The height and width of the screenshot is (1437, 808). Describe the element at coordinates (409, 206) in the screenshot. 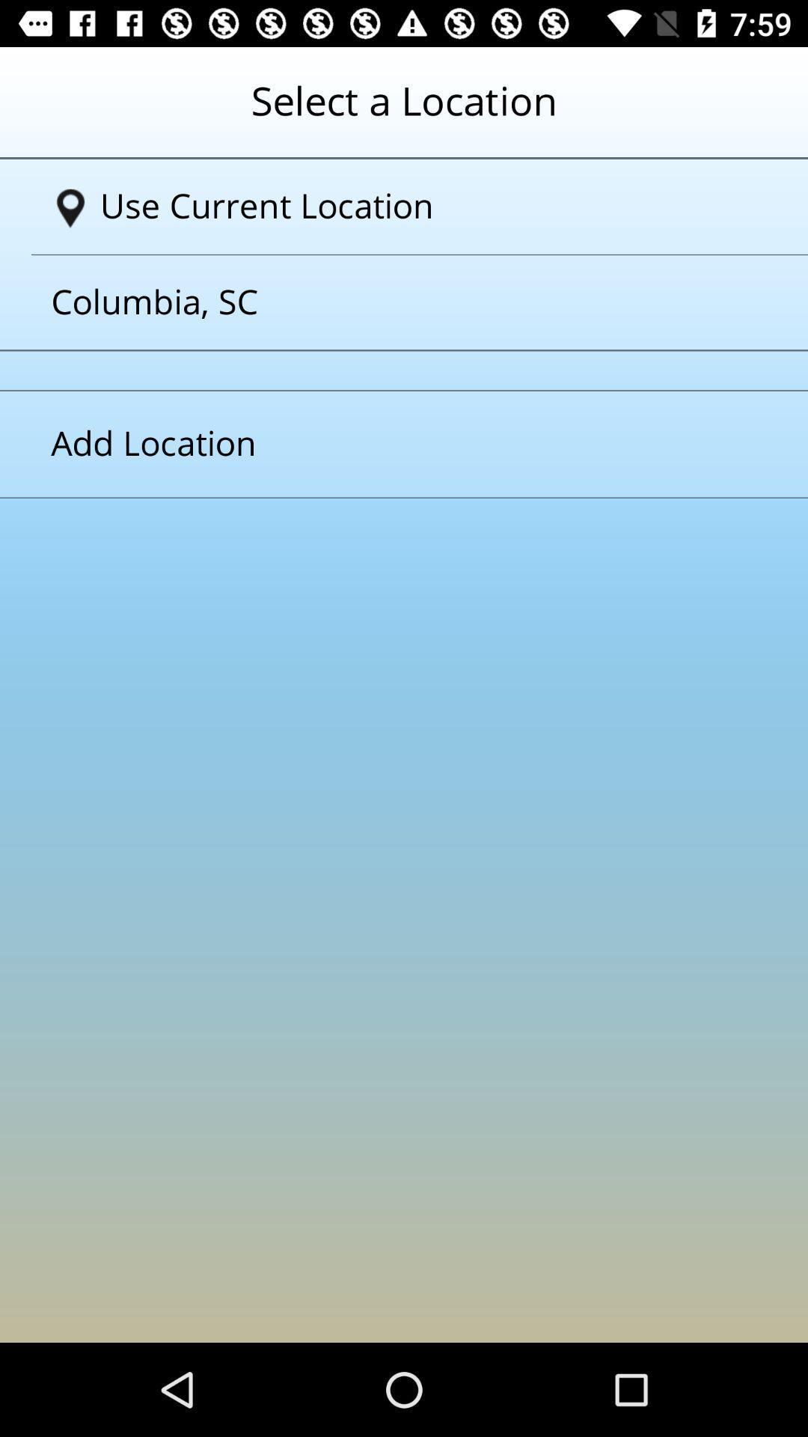

I see `text below the text select a location` at that location.